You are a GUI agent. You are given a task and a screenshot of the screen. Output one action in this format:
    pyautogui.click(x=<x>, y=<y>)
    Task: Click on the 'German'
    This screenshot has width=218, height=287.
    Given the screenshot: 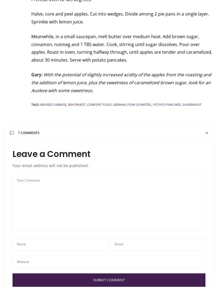 What is the action you would take?
    pyautogui.click(x=119, y=104)
    